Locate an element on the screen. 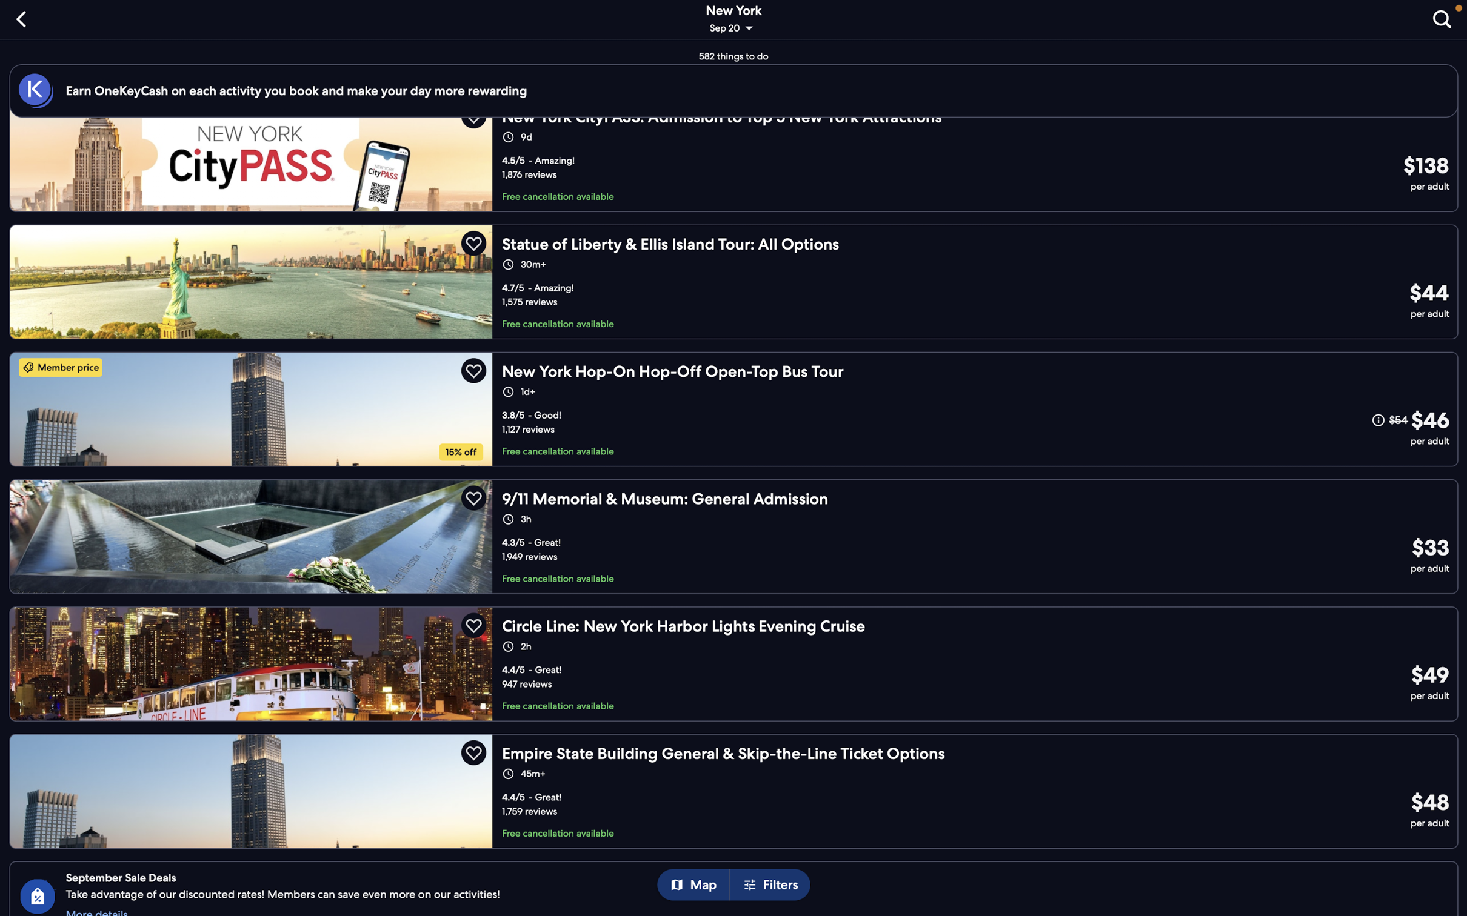  the tour package for the Statue of Liberty is located at coordinates (735, 279).